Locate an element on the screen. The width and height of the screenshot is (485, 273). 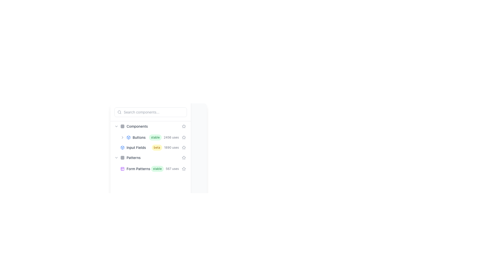
the numeric indicator text label that displays the usage count for 'Form Patterns', located to the center-right side of the section, following the green 'stable' badge and preceding the star icon is located at coordinates (172, 169).